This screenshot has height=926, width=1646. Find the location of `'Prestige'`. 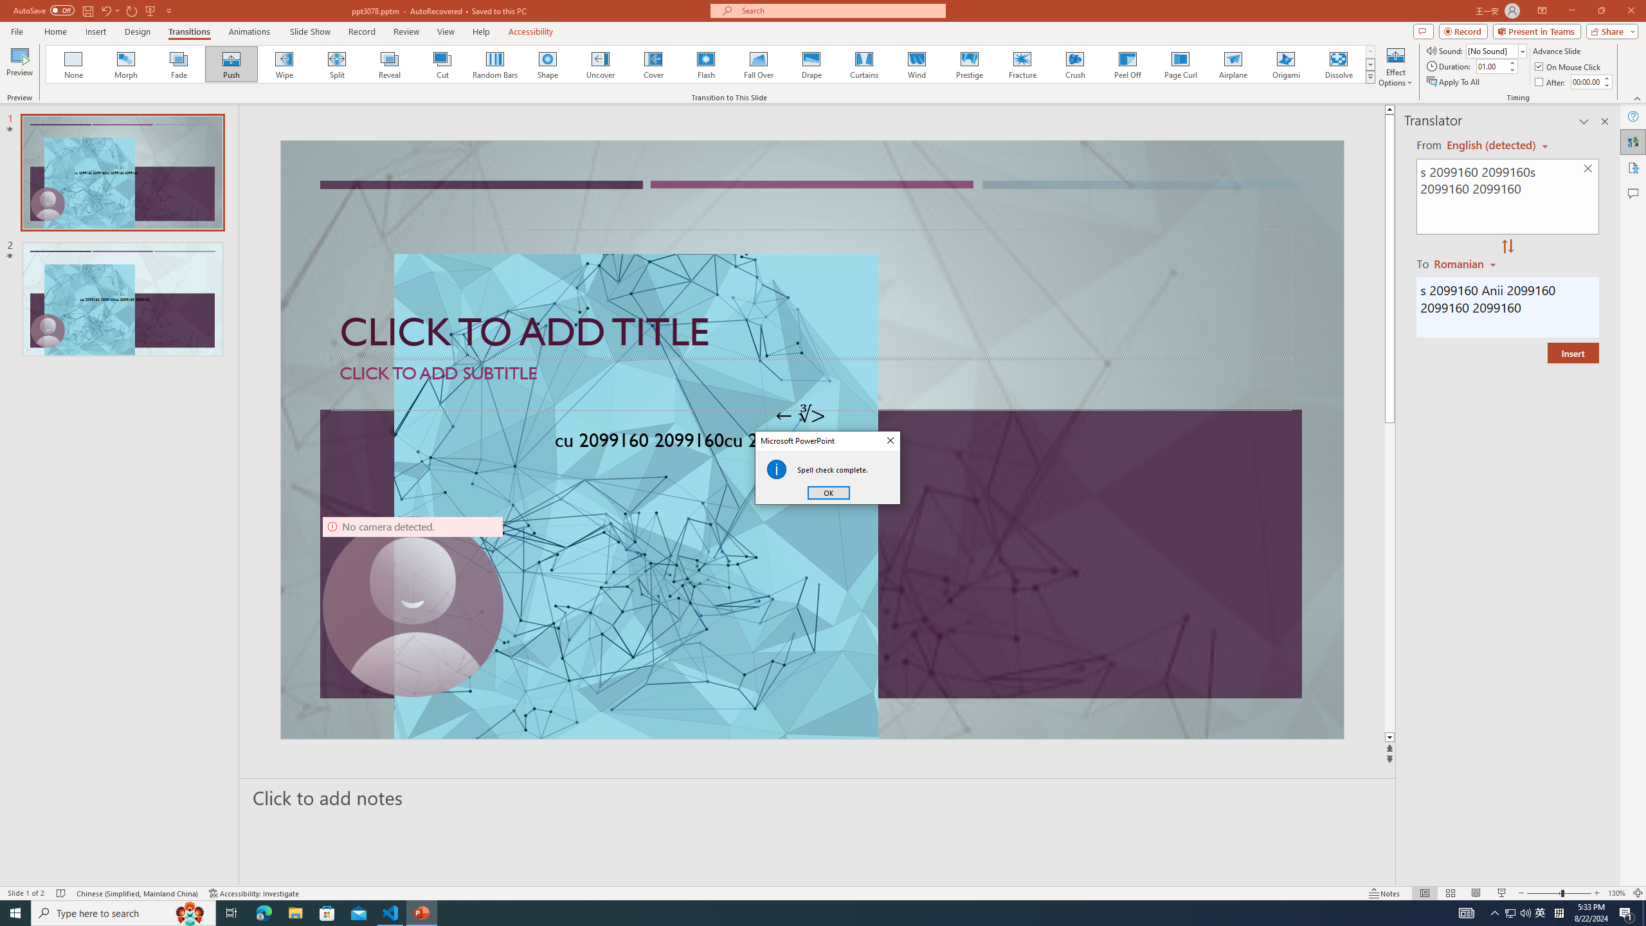

'Prestige' is located at coordinates (969, 64).